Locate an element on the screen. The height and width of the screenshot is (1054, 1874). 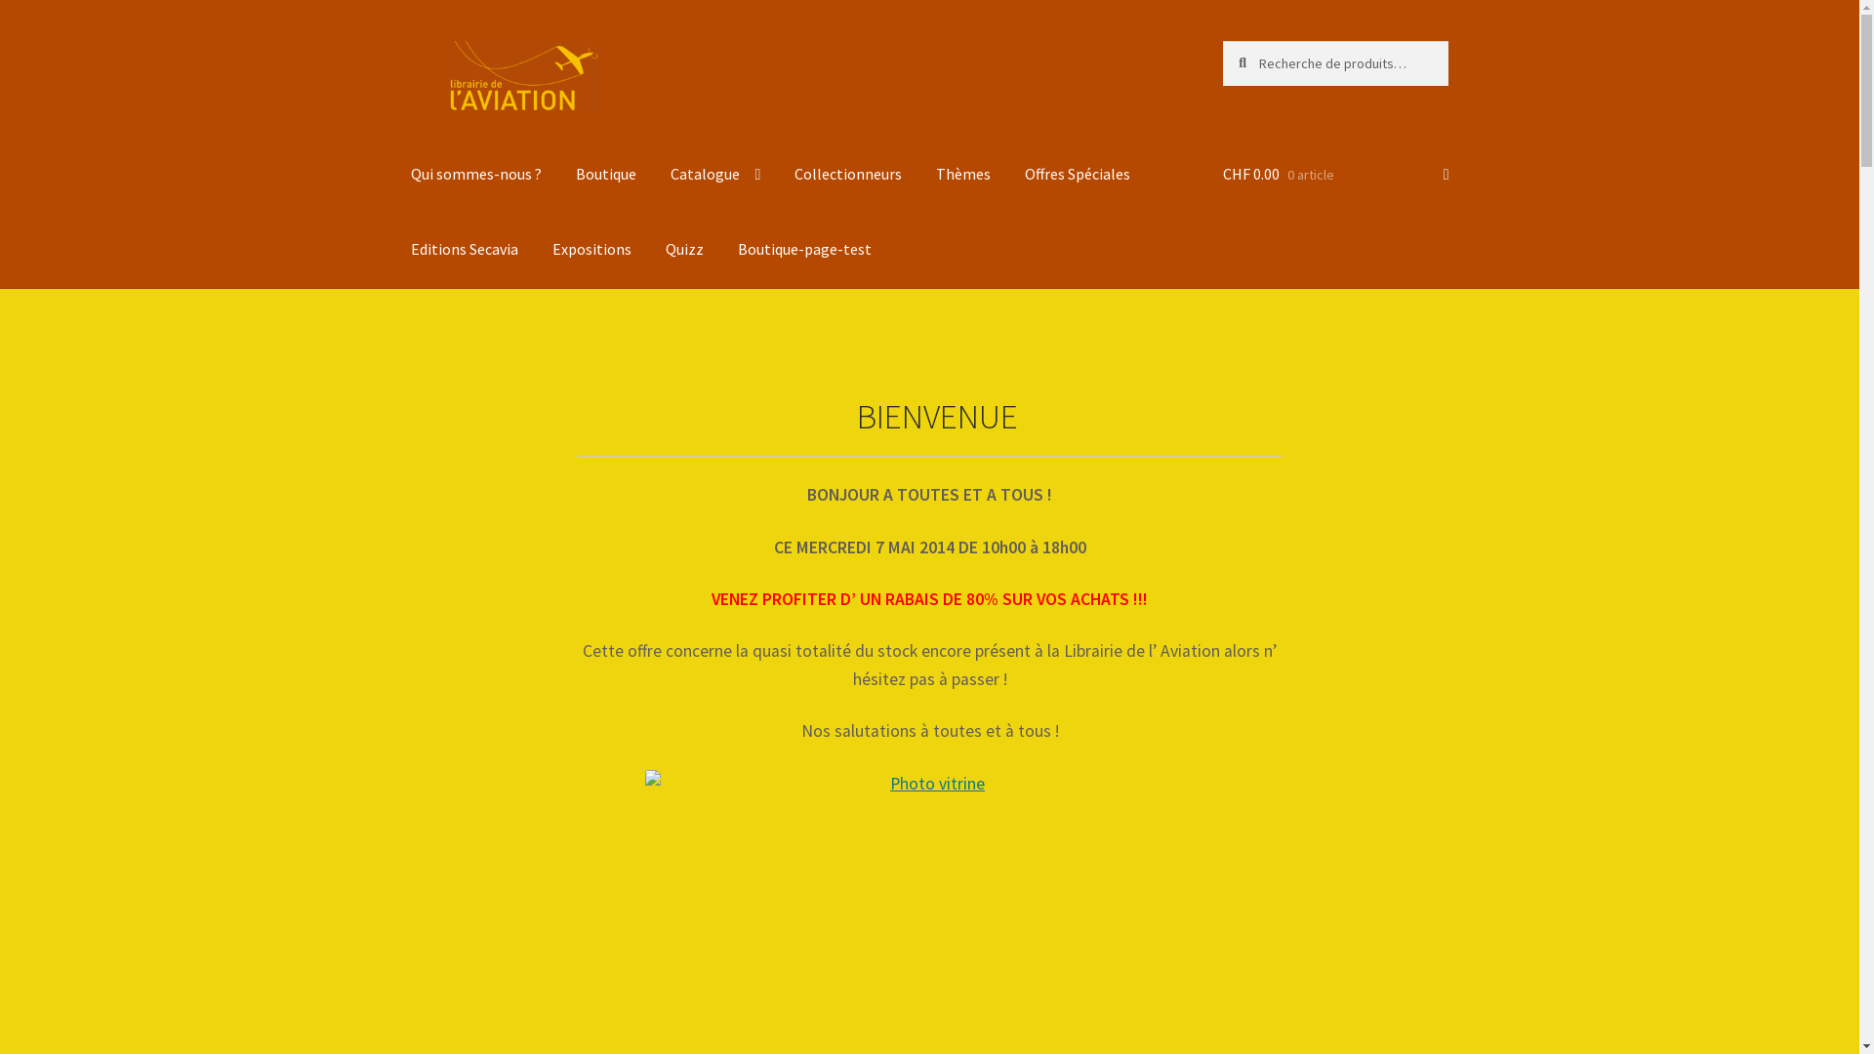
'Catalogue' is located at coordinates (714, 173).